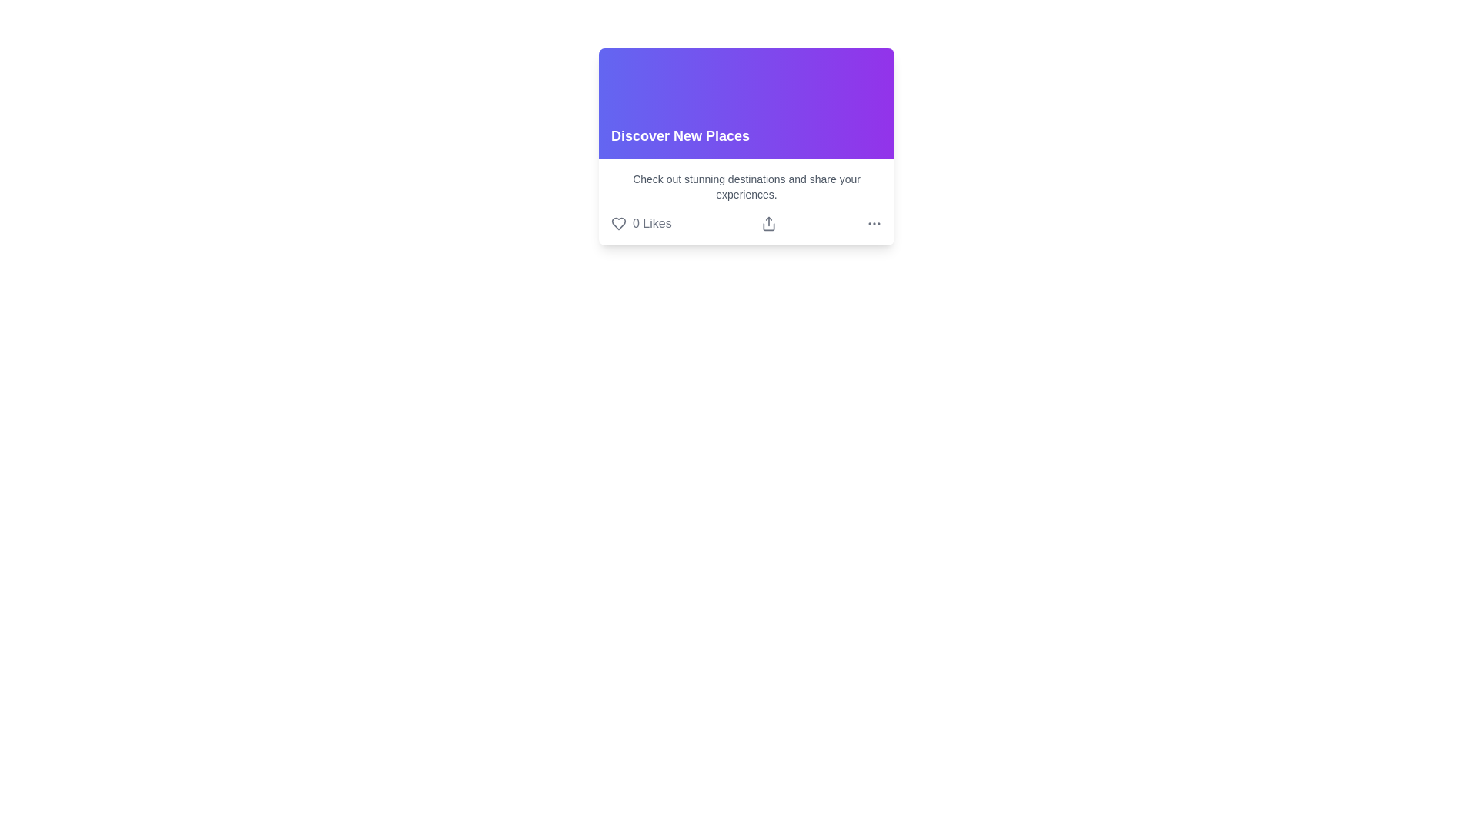 The width and height of the screenshot is (1478, 831). I want to click on the heart-shaped SVG icon located at the bottom left of the card, so click(619, 223).